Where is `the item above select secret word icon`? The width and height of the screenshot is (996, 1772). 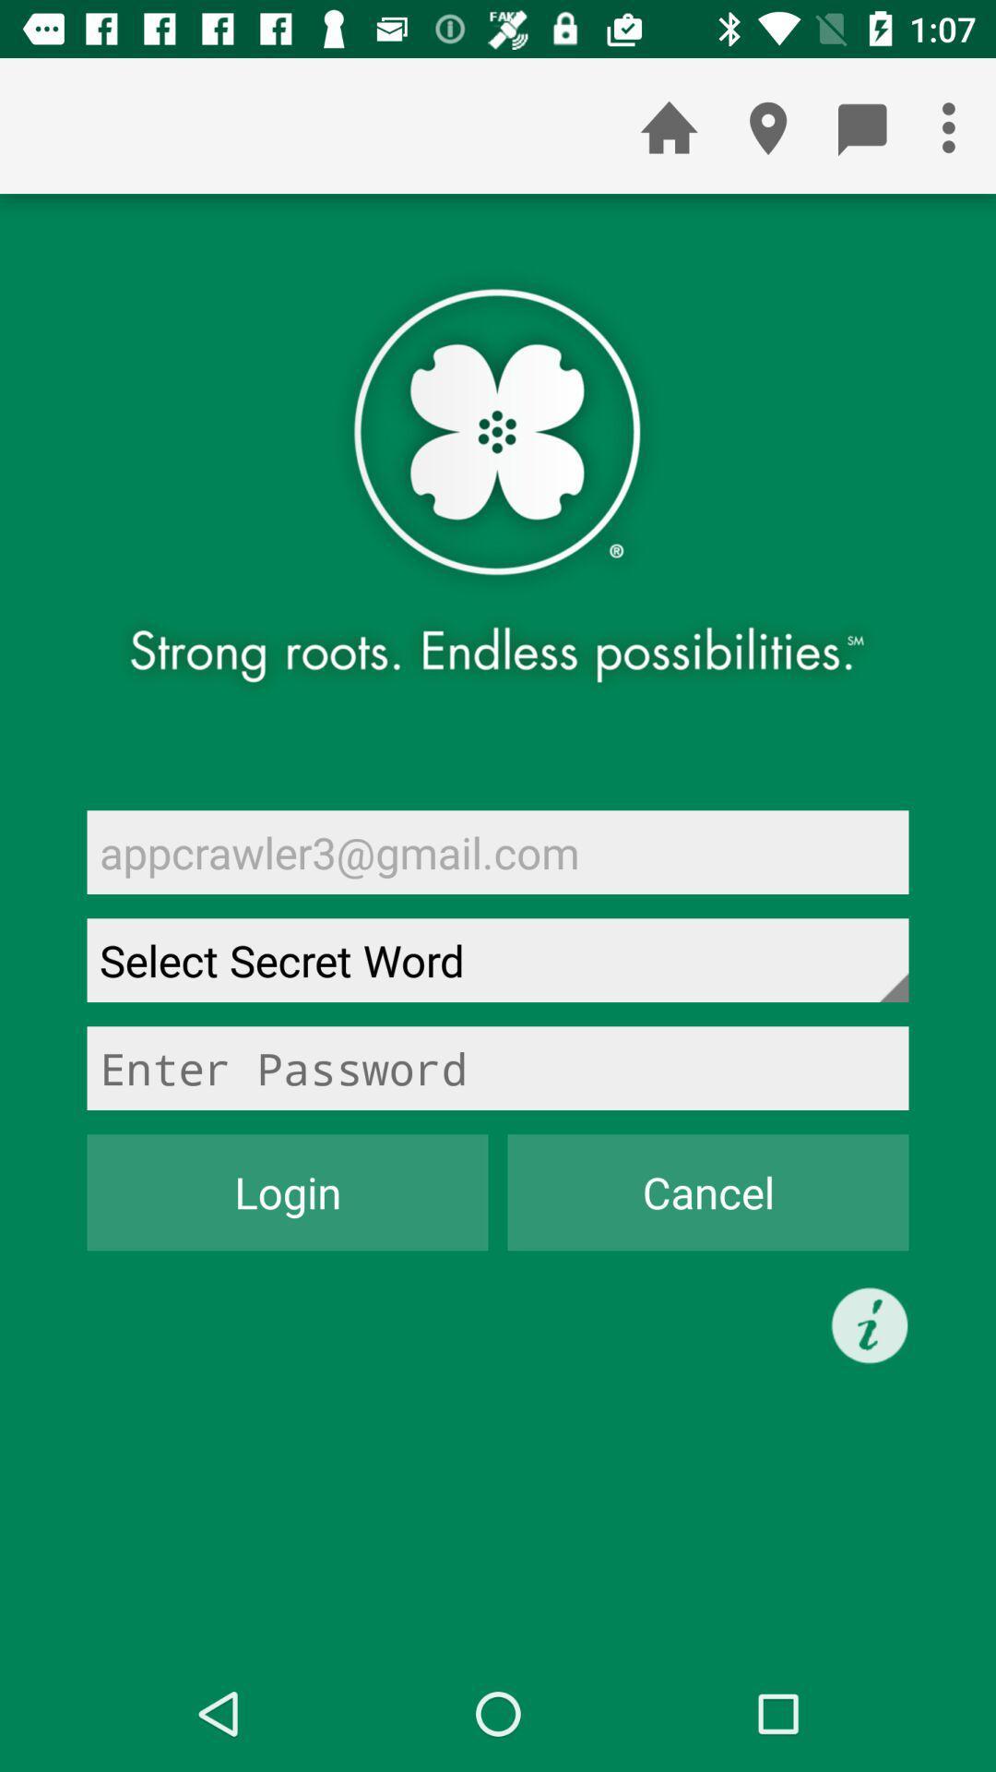
the item above select secret word icon is located at coordinates (498, 851).